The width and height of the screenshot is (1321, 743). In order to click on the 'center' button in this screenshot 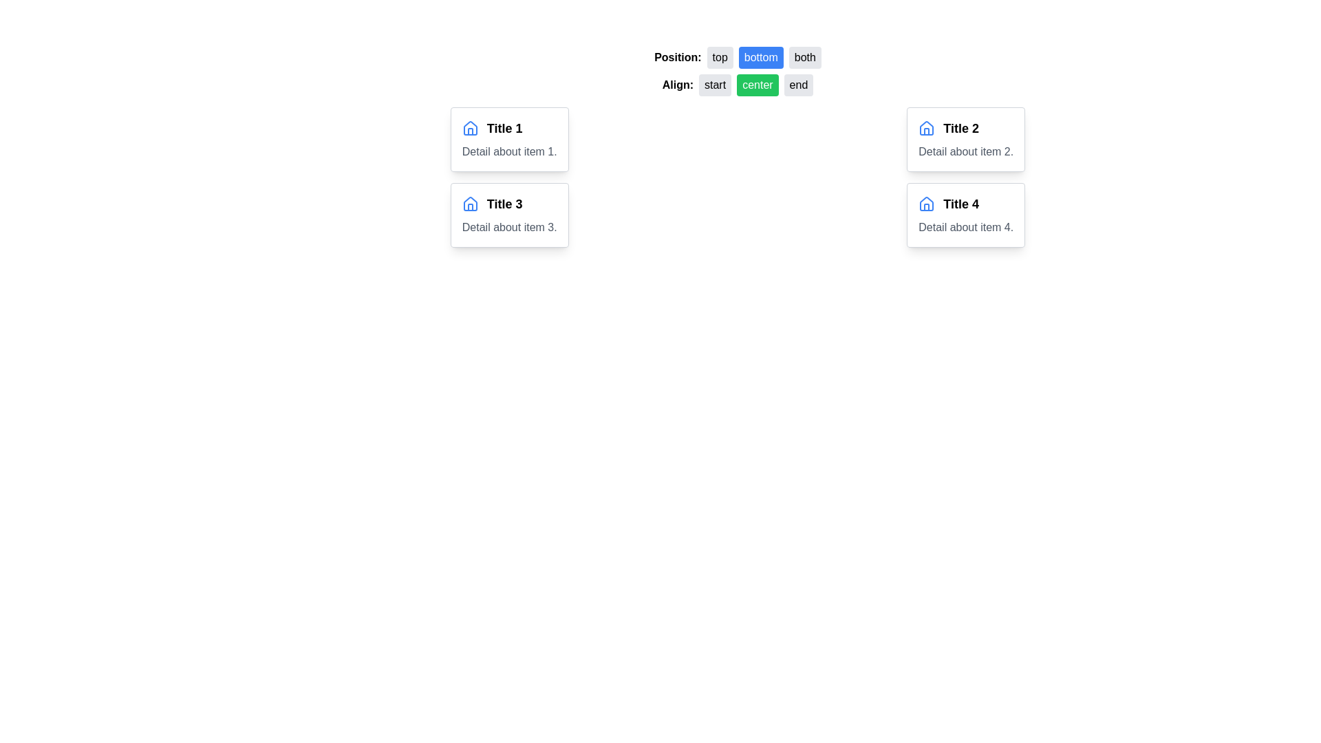, I will do `click(737, 72)`.